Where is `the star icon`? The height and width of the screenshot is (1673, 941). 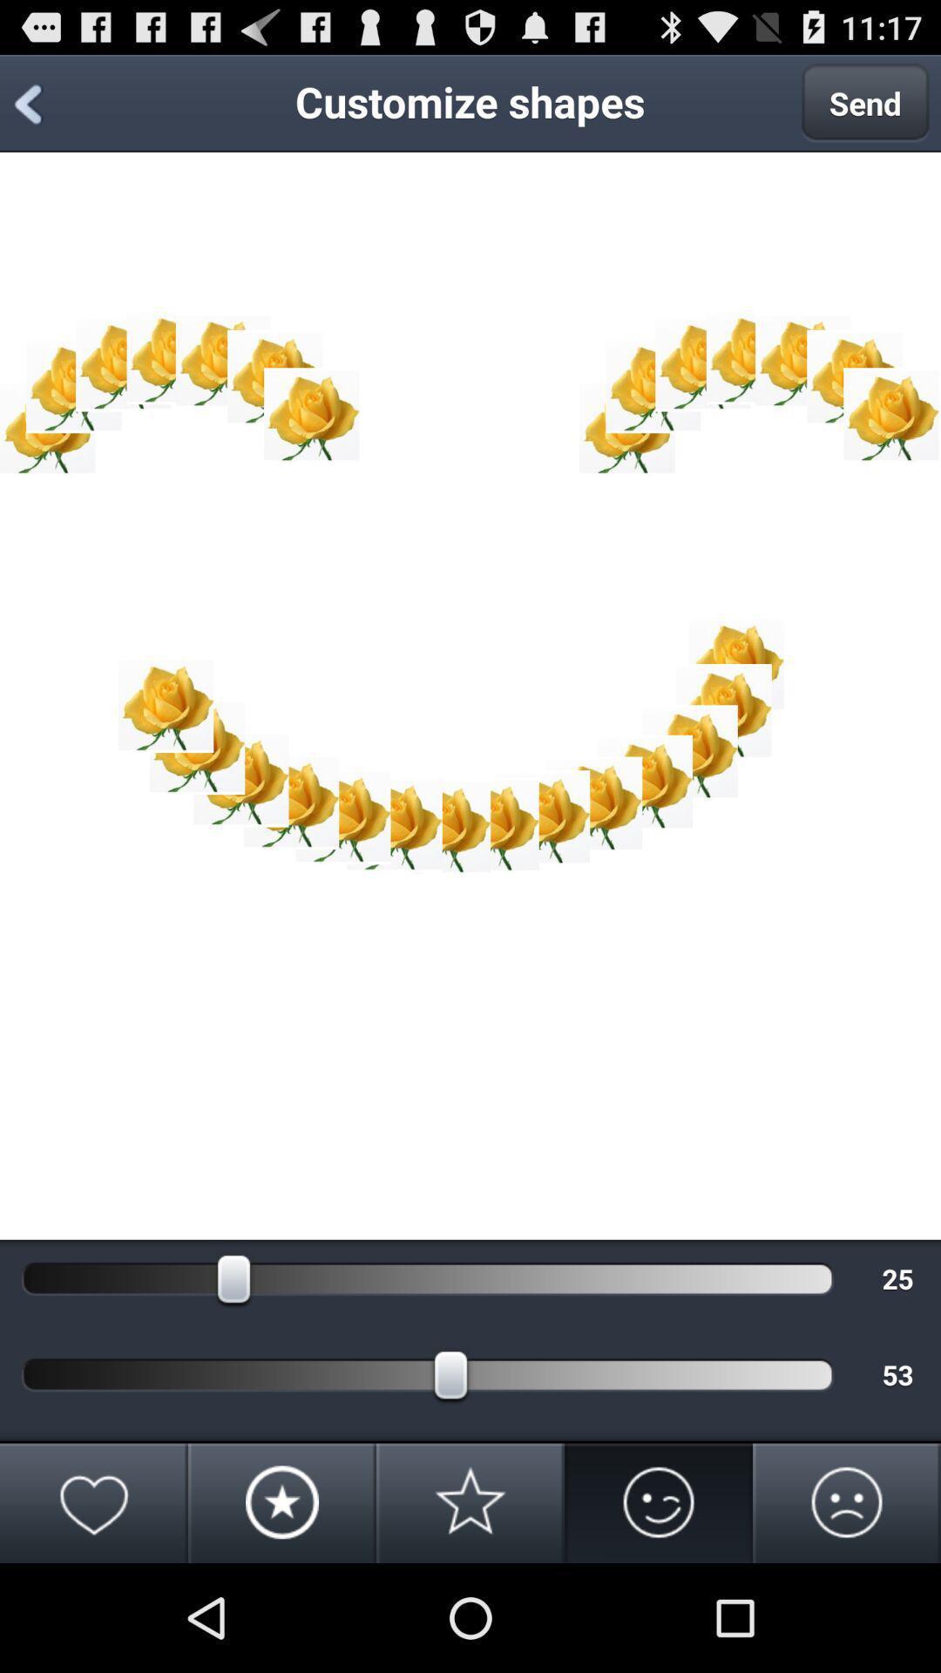 the star icon is located at coordinates (470, 1606).